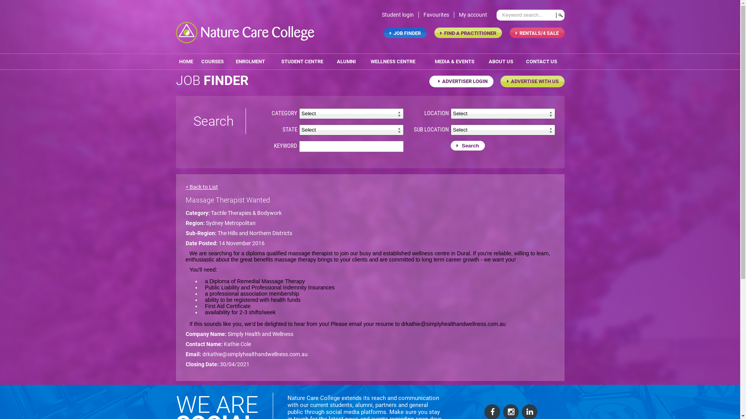  Describe the element at coordinates (213, 61) in the screenshot. I see `'COURSES'` at that location.